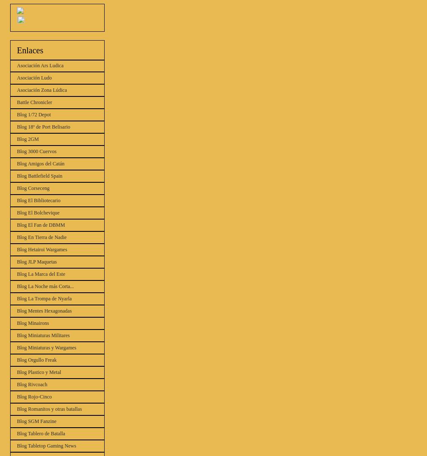  Describe the element at coordinates (43, 335) in the screenshot. I see `'Blog Miniaturas Militares'` at that location.